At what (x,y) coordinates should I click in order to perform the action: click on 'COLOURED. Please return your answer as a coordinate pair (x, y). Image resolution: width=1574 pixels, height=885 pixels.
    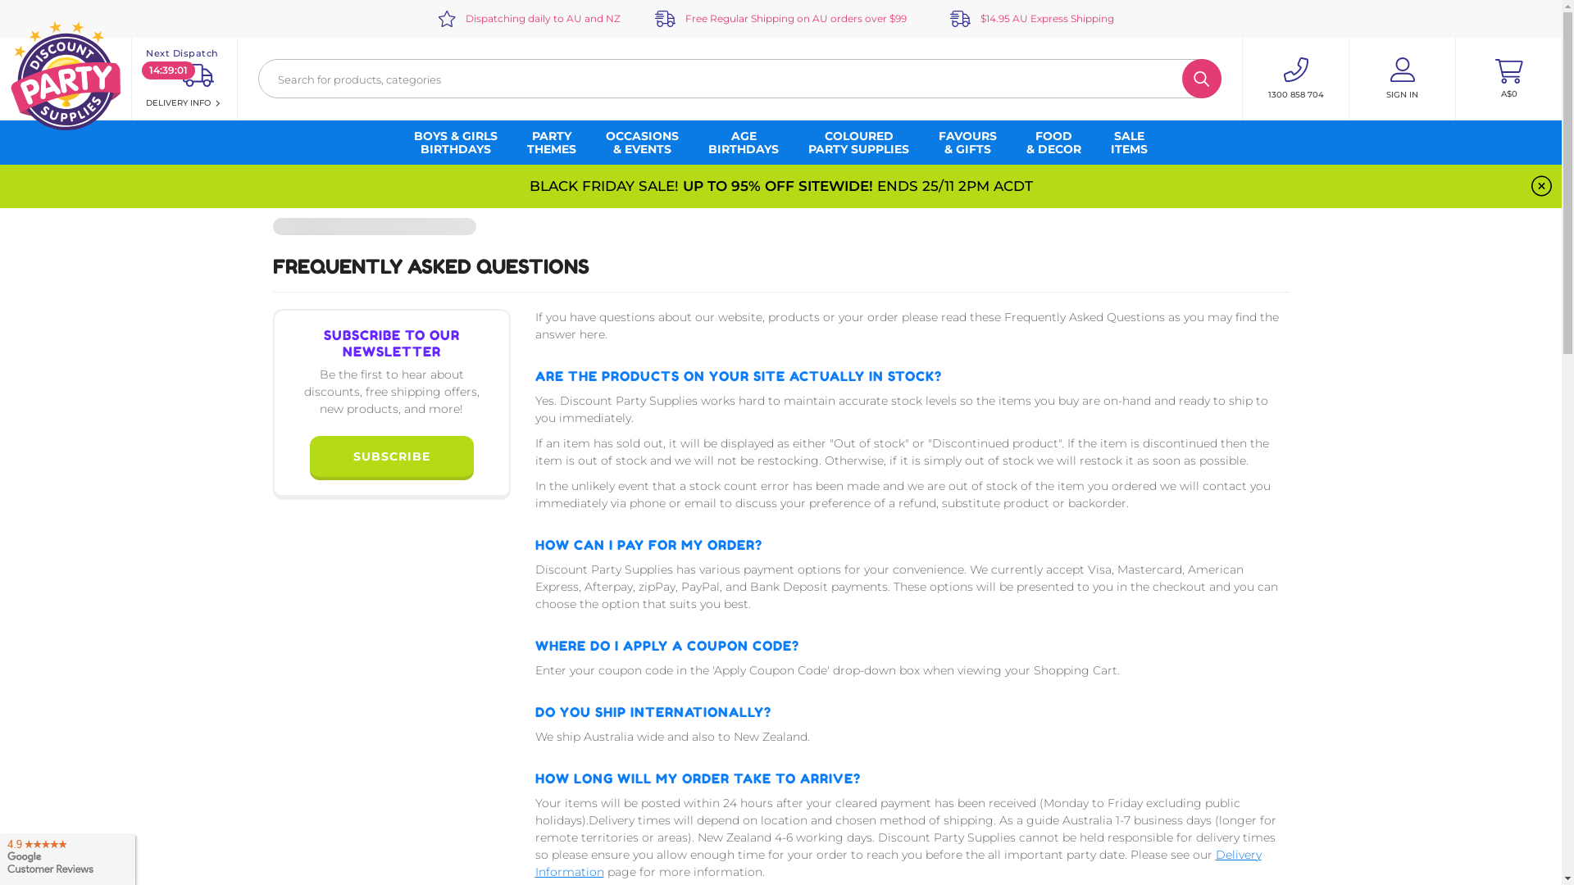
    Looking at the image, I should click on (858, 141).